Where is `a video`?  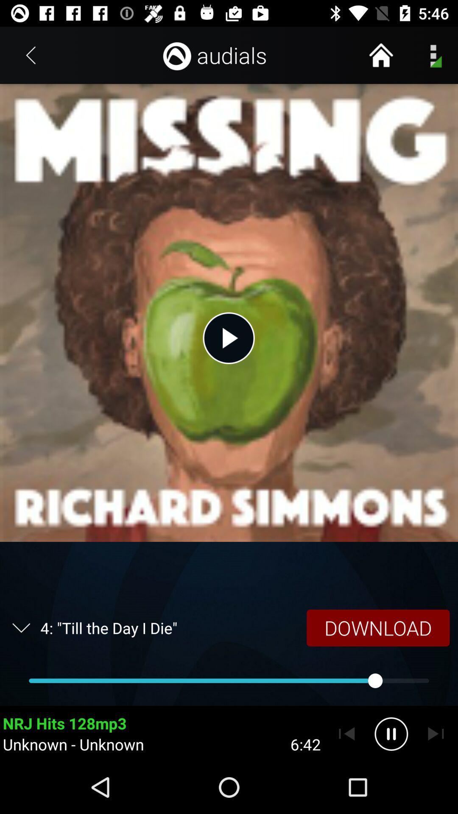 a video is located at coordinates (228, 337).